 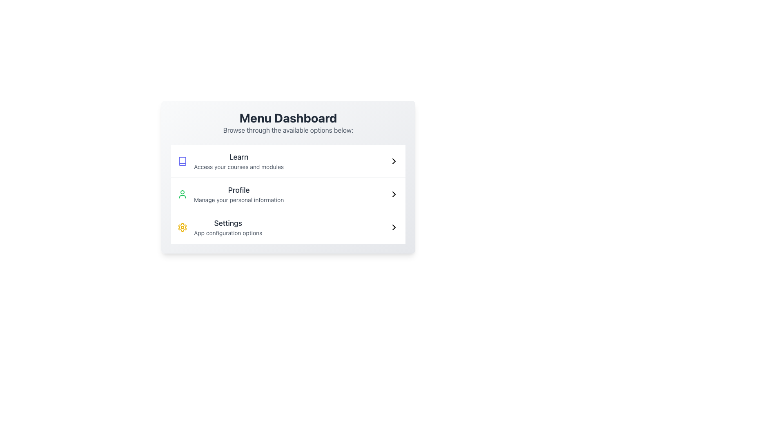 I want to click on the text label displaying 'Learn' in bold black color, which is positioned at the top of the first menu option in the dashboard, so click(x=238, y=157).